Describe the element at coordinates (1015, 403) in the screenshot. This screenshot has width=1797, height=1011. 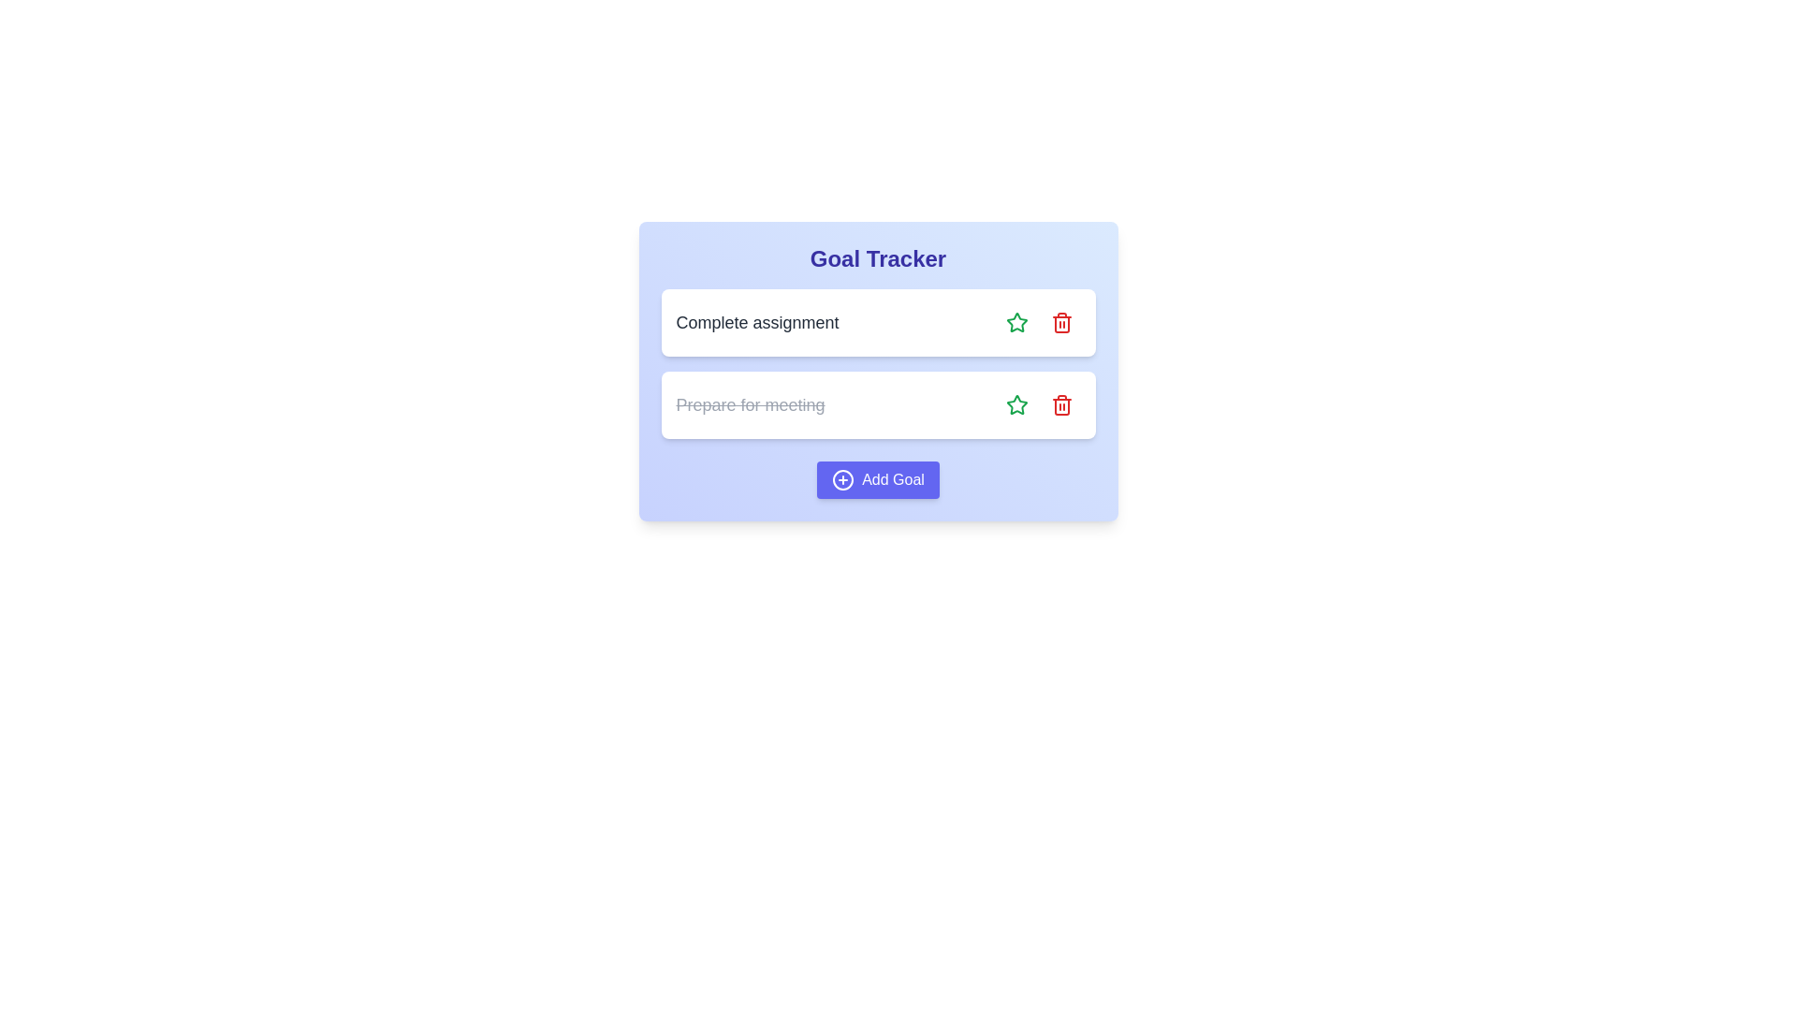
I see `the green star-shaped icon with an outlined design, located to the right of the 'Complete assignment' text` at that location.